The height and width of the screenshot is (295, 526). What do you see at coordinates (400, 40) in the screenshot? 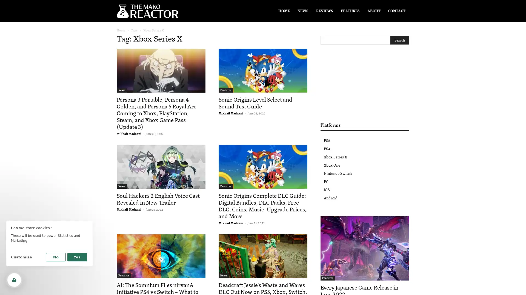
I see `Search` at bounding box center [400, 40].